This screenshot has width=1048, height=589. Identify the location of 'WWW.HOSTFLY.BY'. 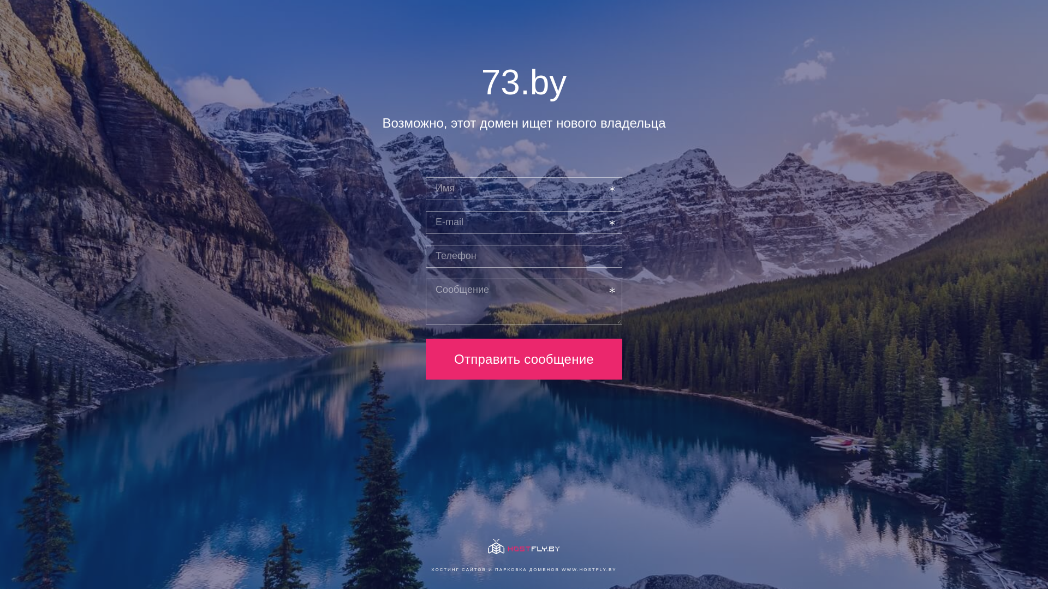
(588, 569).